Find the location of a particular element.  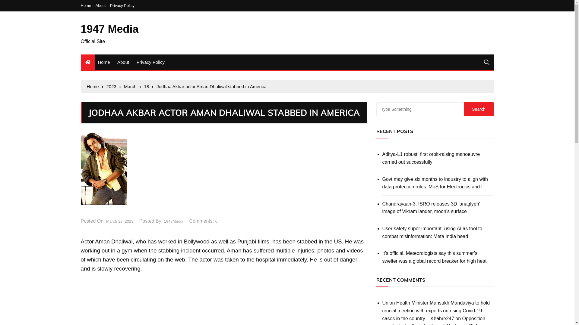

'1947Media' is located at coordinates (173, 221).